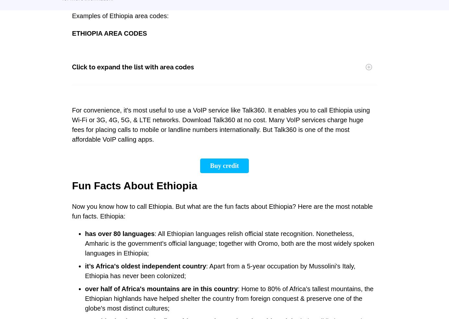 This screenshot has height=319, width=449. What do you see at coordinates (84, 289) in the screenshot?
I see `'over half of Africa's mountains are in this country'` at bounding box center [84, 289].